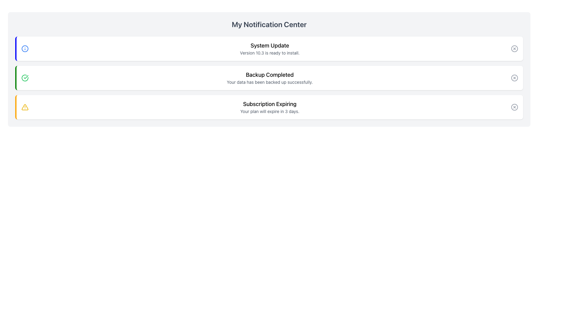 The width and height of the screenshot is (586, 329). What do you see at coordinates (24, 107) in the screenshot?
I see `the leftmost warning icon in the 'Subscription Expiring' notification entry in the notification list` at bounding box center [24, 107].